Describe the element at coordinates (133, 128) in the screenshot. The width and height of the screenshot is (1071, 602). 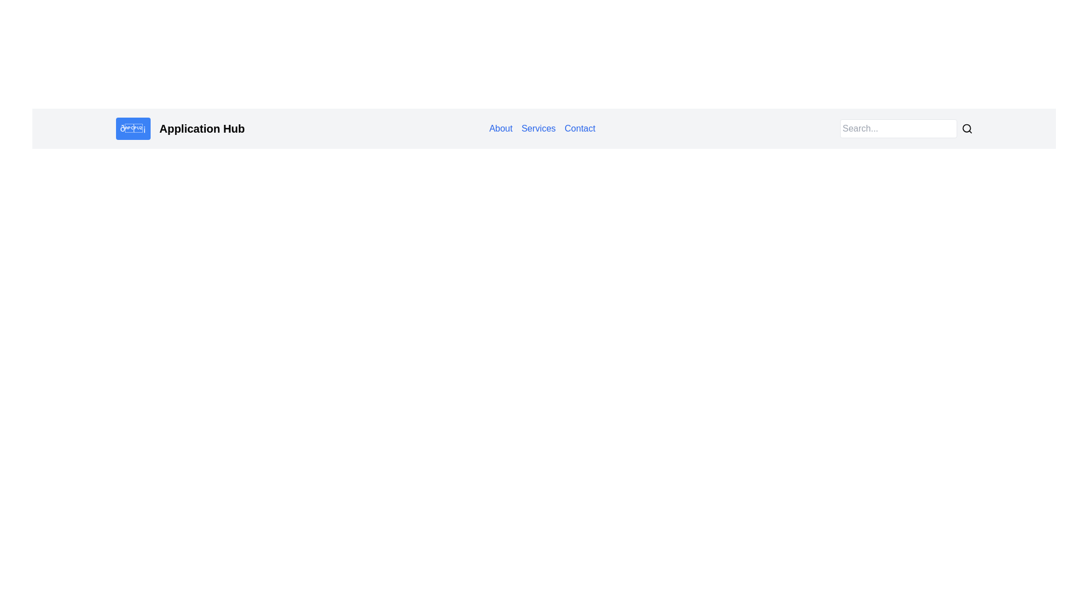
I see `the blue rounded rectangle icon containing a white lightning bolt emoji, located to the left of the 'Application Hub' text in the top-left corner of the interface` at that location.